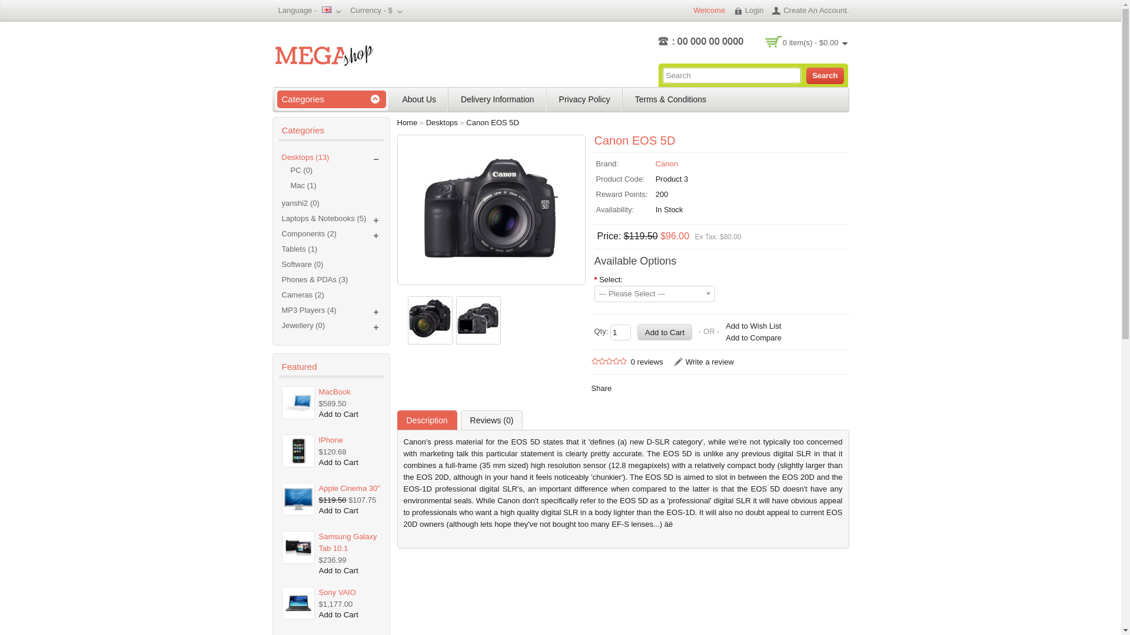  What do you see at coordinates (426, 419) in the screenshot?
I see `'Description'` at bounding box center [426, 419].